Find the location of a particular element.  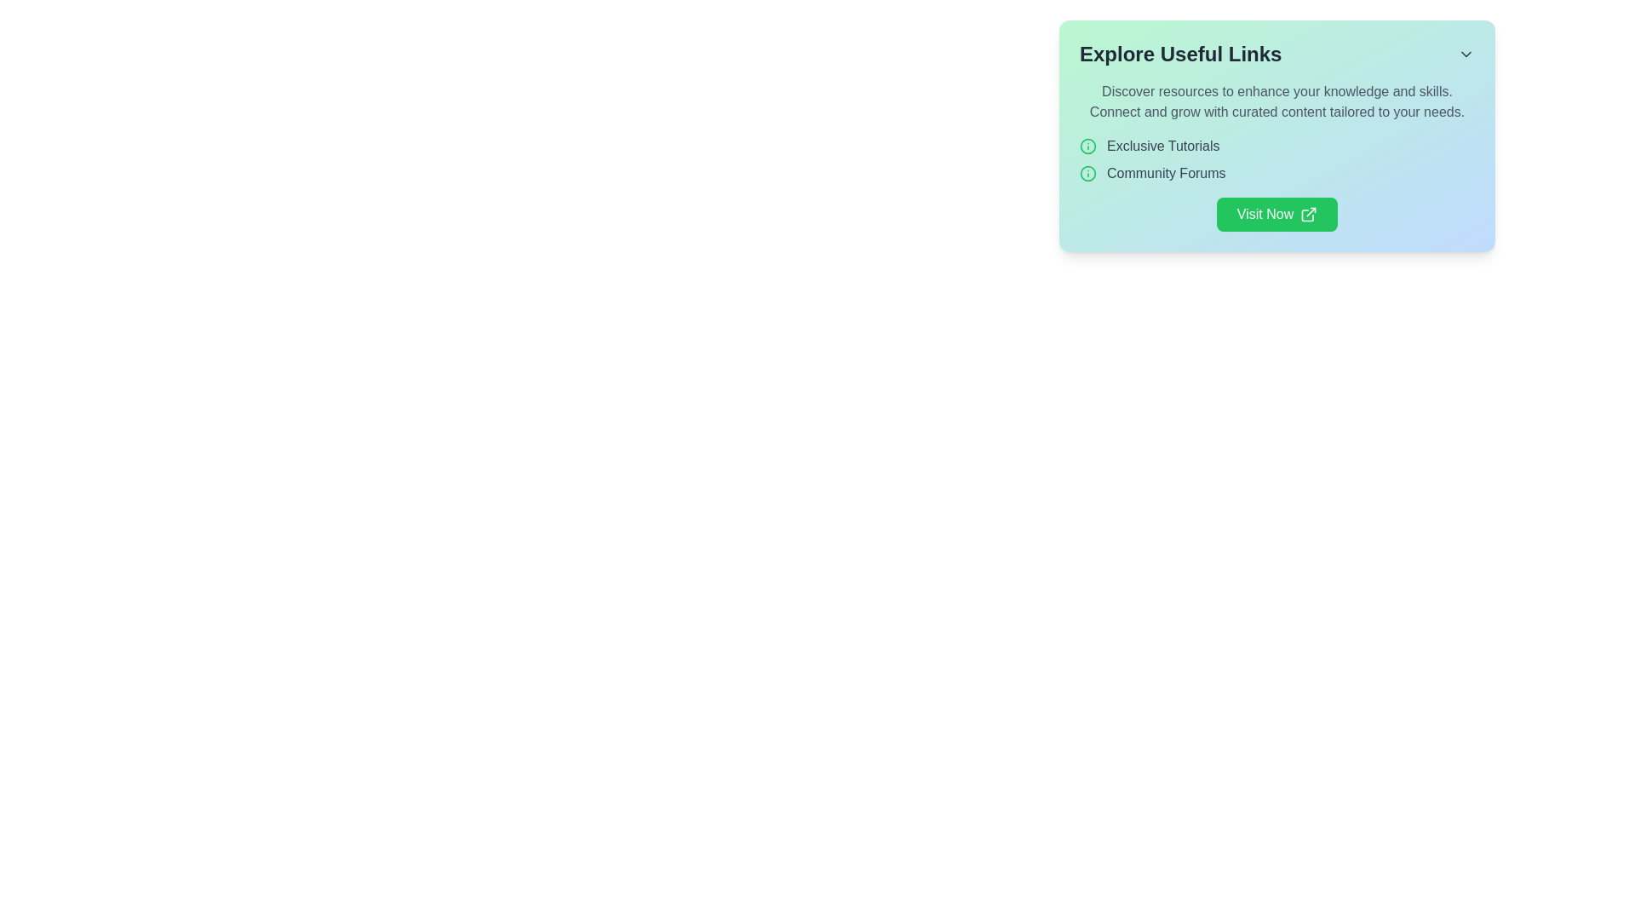

the 'Exclusive Tutorials' link located in the central-right section of the navigation links, which is positioned below a descriptive paragraph and above the 'Visit Now' button is located at coordinates (1276, 160).